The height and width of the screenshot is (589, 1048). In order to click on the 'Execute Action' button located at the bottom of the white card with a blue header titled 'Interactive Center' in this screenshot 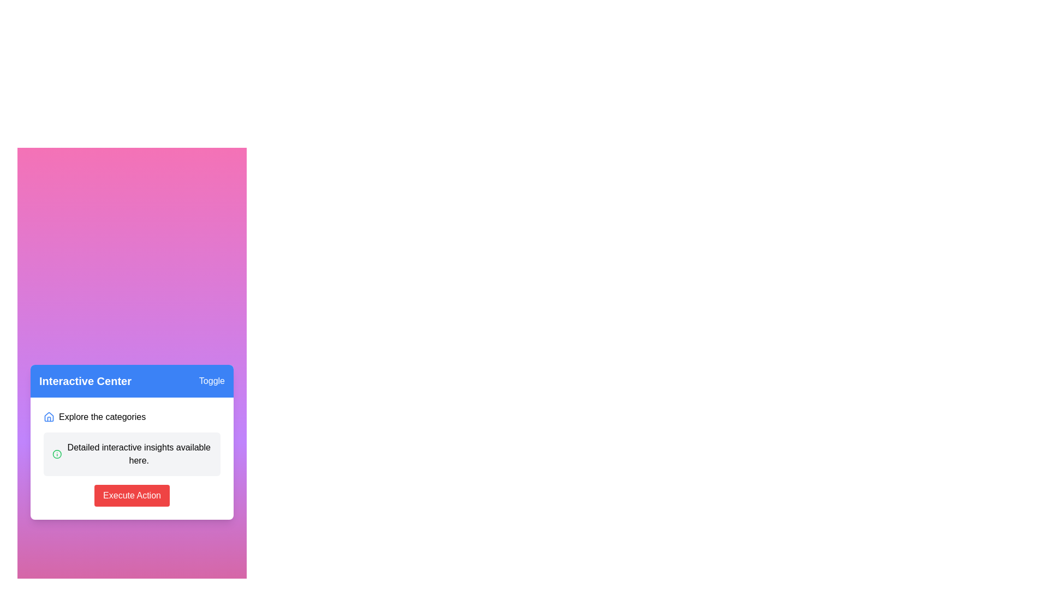, I will do `click(131, 496)`.